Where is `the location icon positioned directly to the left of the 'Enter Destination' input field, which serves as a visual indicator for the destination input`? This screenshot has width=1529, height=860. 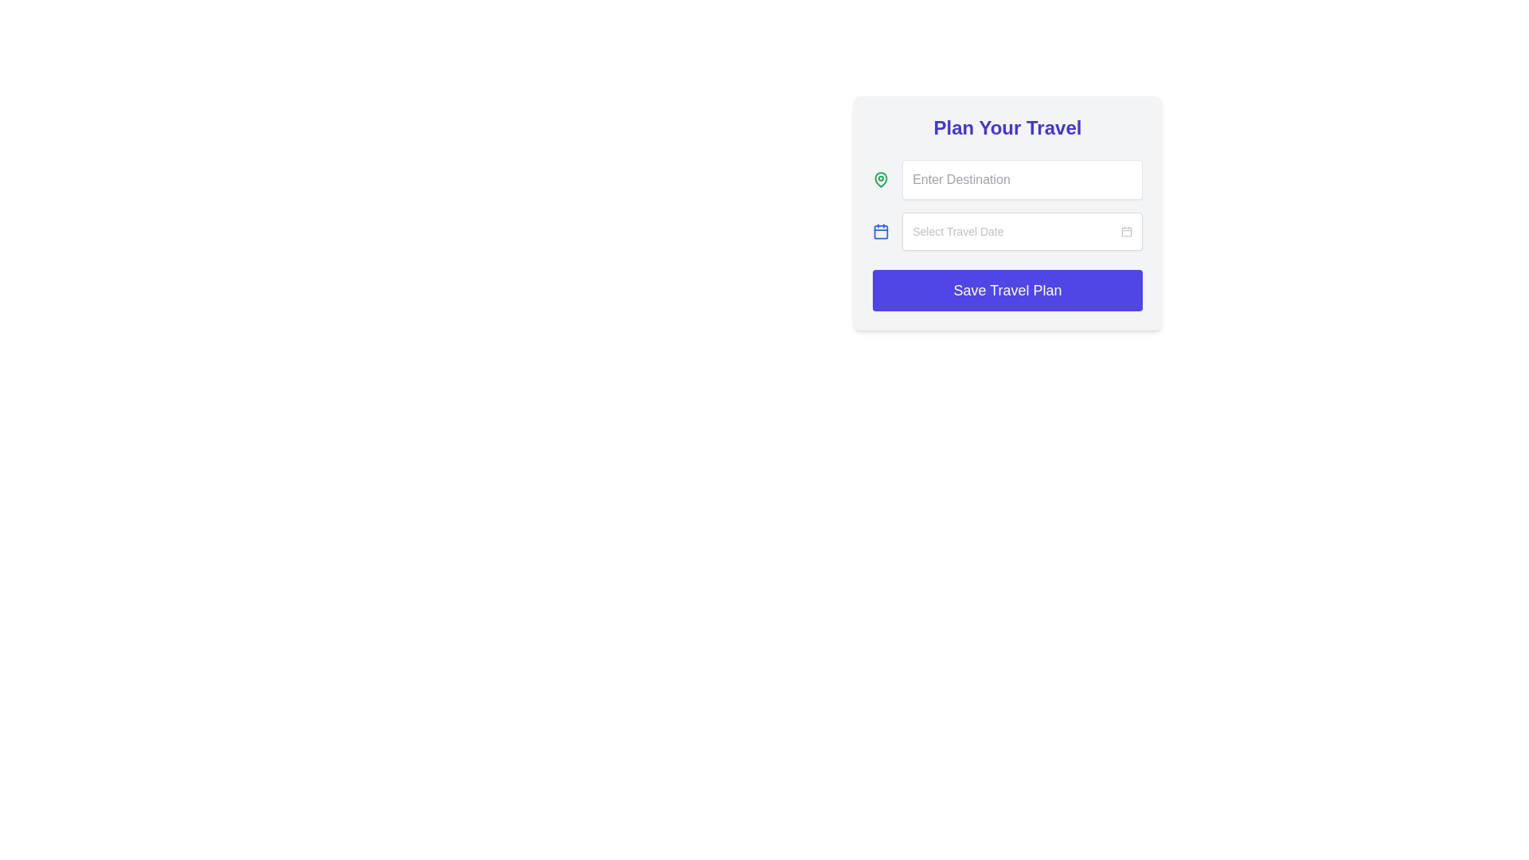
the location icon positioned directly to the left of the 'Enter Destination' input field, which serves as a visual indicator for the destination input is located at coordinates (880, 179).